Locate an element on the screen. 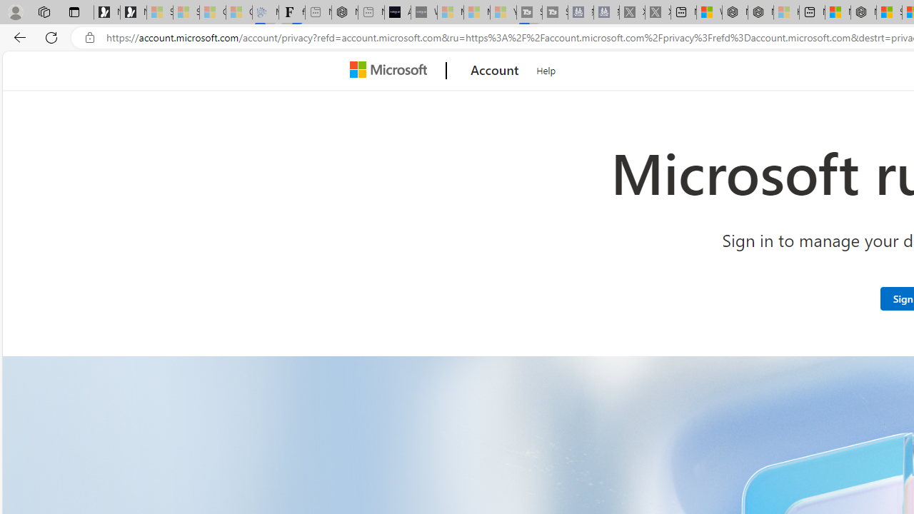 This screenshot has height=514, width=914. 'Help' is located at coordinates (546, 69).